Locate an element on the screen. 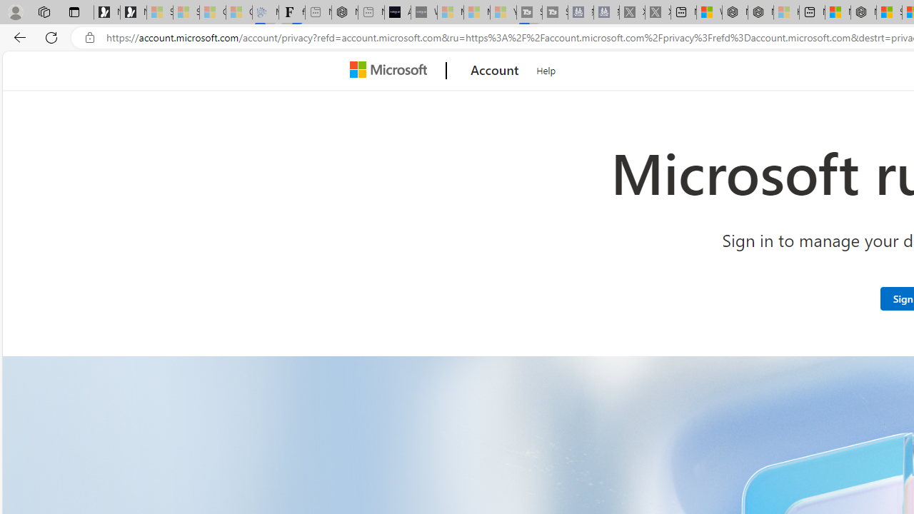 This screenshot has height=514, width=914. 'Help' is located at coordinates (546, 69).